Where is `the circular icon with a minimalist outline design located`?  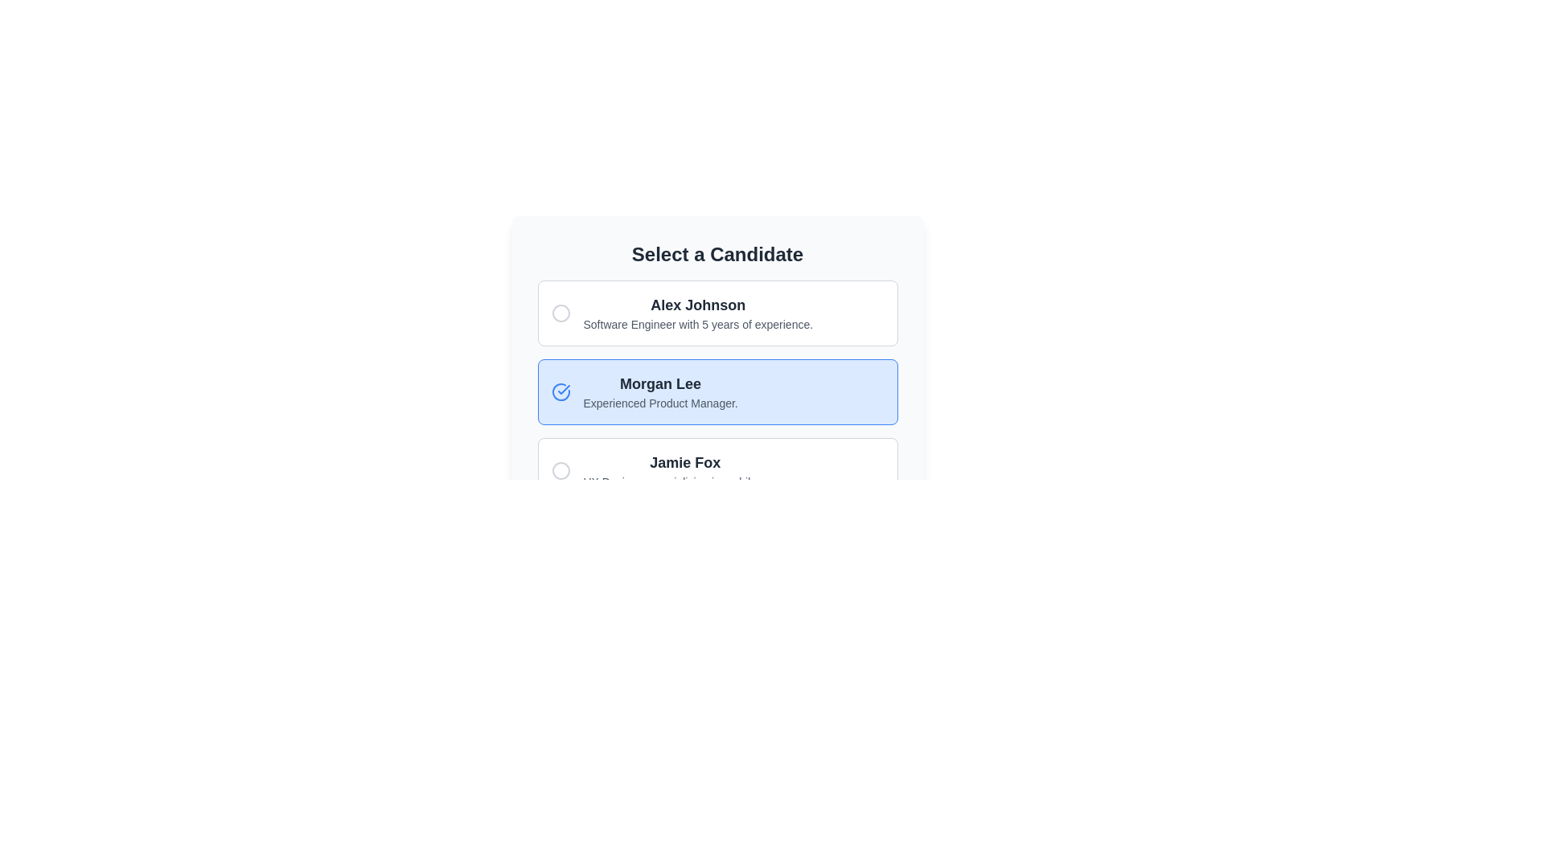
the circular icon with a minimalist outline design located is located at coordinates (561, 470).